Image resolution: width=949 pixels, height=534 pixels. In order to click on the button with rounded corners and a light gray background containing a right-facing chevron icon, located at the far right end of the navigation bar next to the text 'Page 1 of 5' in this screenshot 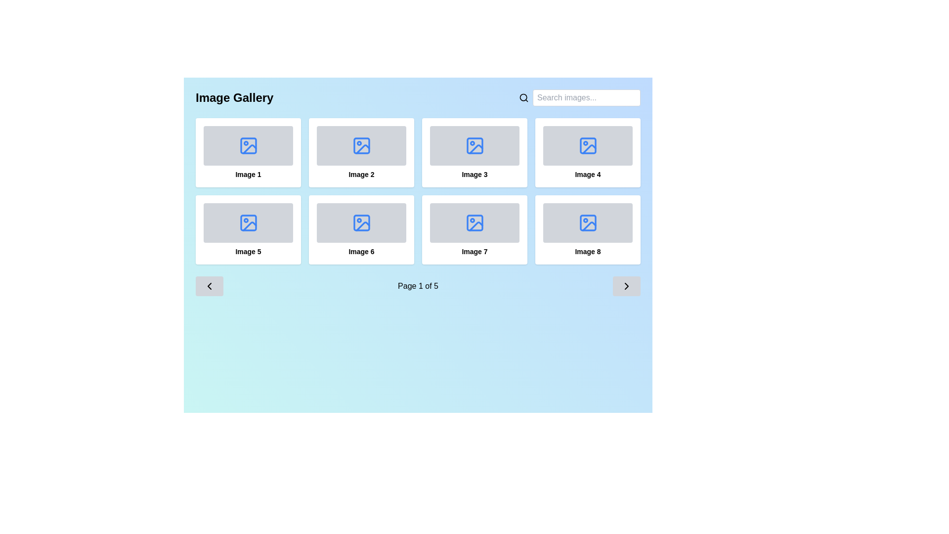, I will do `click(626, 286)`.